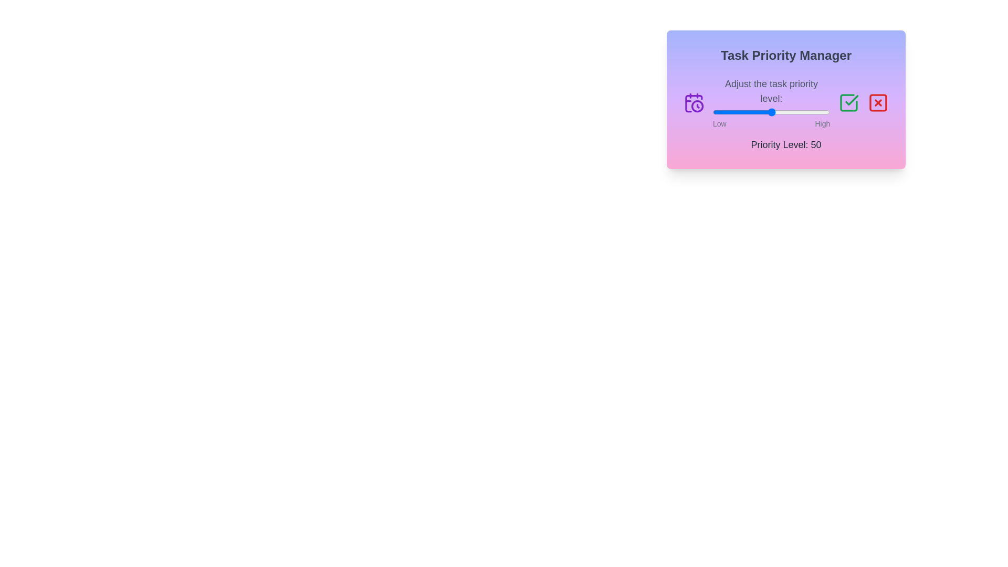 This screenshot has height=567, width=1008. I want to click on the task priority to 93 by adjusting the slider, so click(821, 112).